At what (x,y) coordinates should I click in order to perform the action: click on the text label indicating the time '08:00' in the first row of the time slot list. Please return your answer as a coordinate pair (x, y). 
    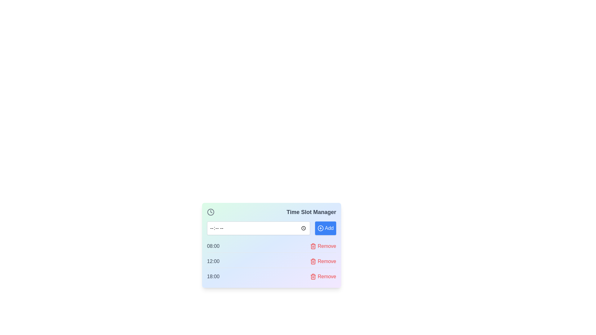
    Looking at the image, I should click on (213, 246).